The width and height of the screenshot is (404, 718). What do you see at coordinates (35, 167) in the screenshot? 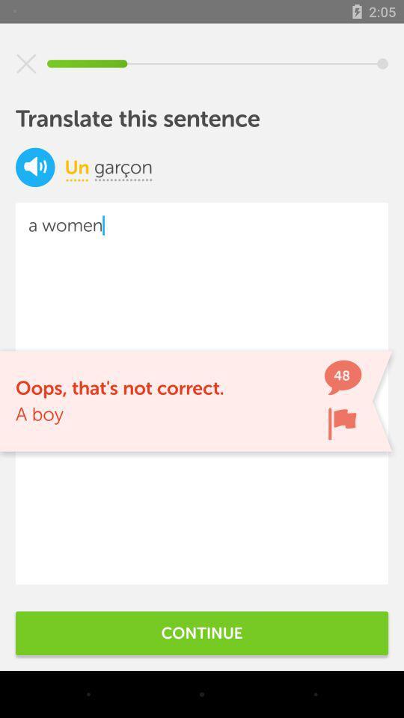
I see `the volume icon` at bounding box center [35, 167].